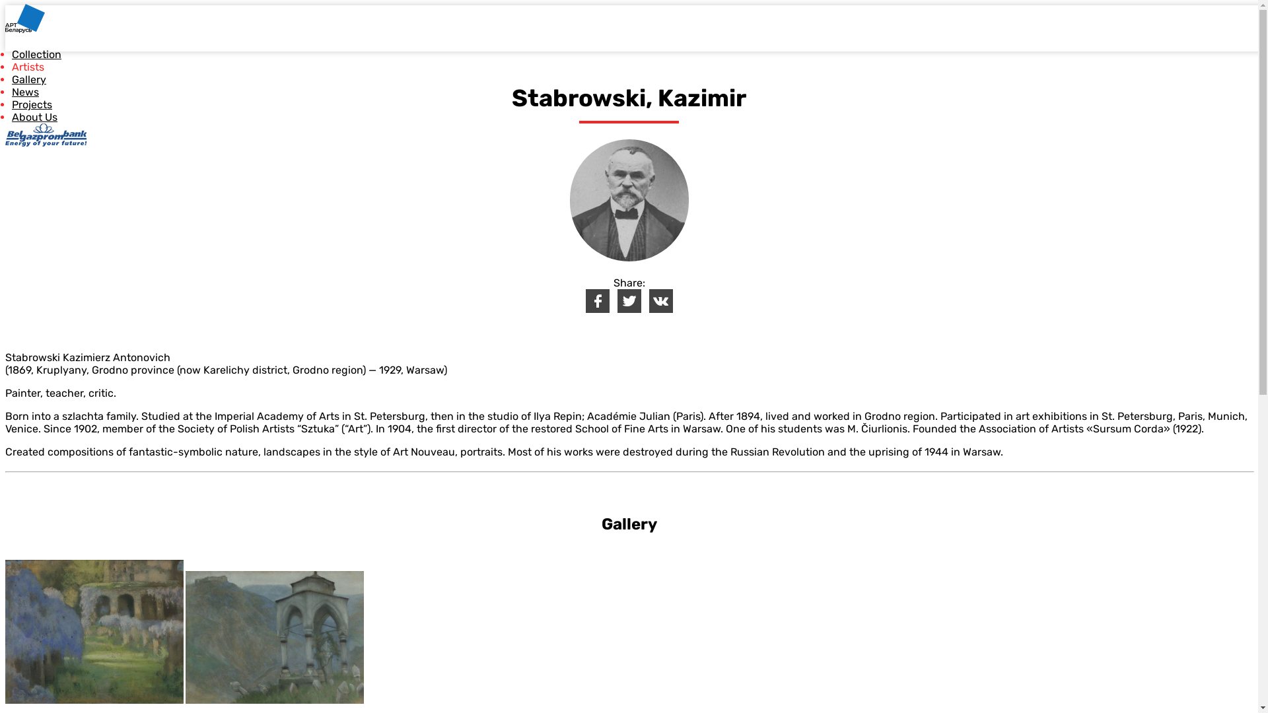  Describe the element at coordinates (36, 53) in the screenshot. I see `'Collection'` at that location.